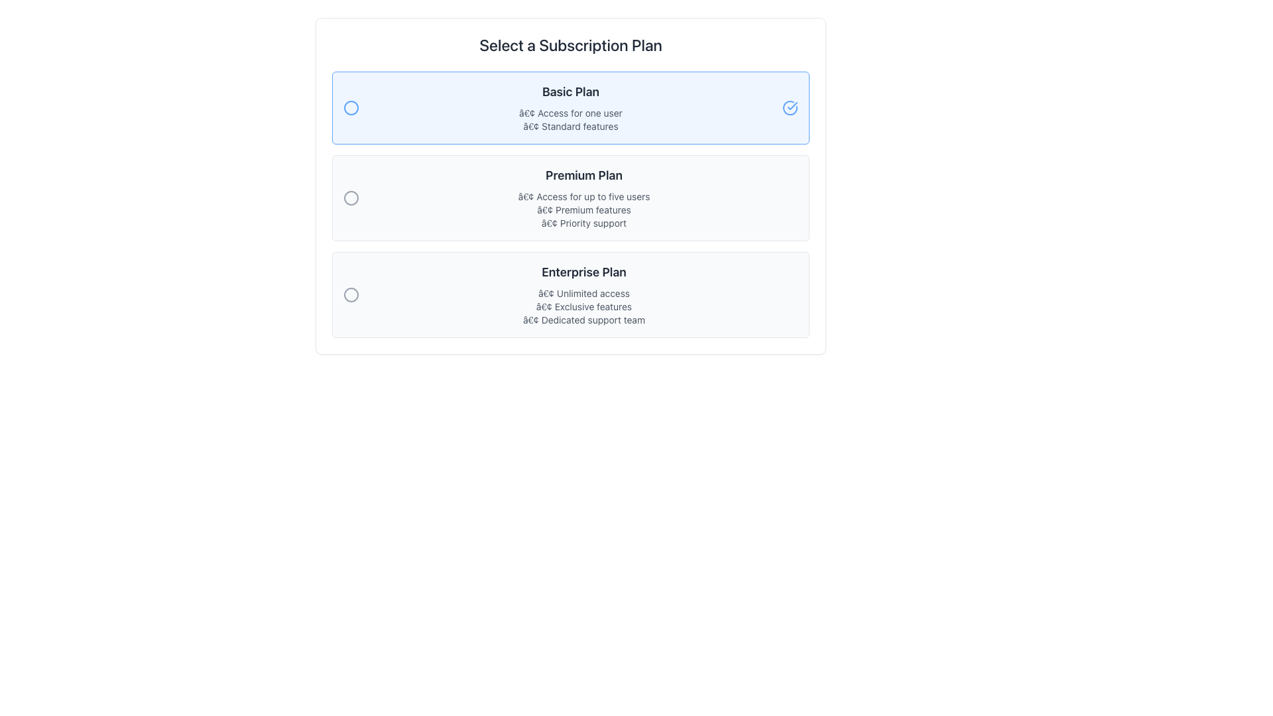 Image resolution: width=1273 pixels, height=716 pixels. Describe the element at coordinates (351, 198) in the screenshot. I see `the radio button visual indicator for the 'Premium Plan' subscription option` at that location.